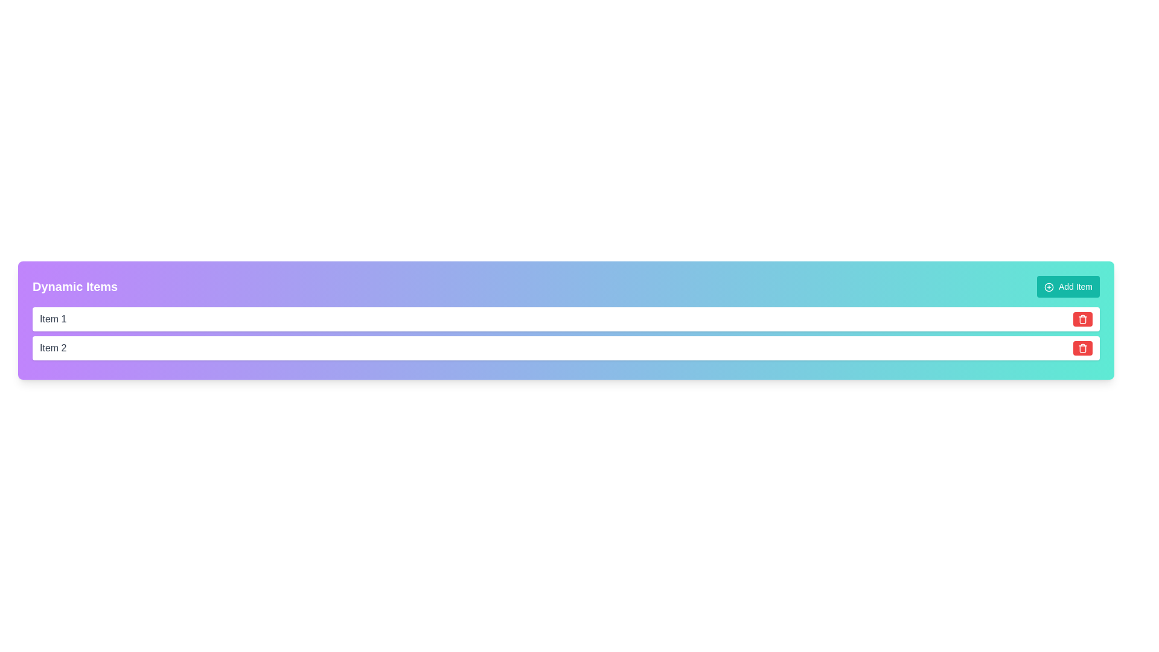  I want to click on the delete button located at the far right side of the row displaying the text 'Item 2', so click(1083, 348).